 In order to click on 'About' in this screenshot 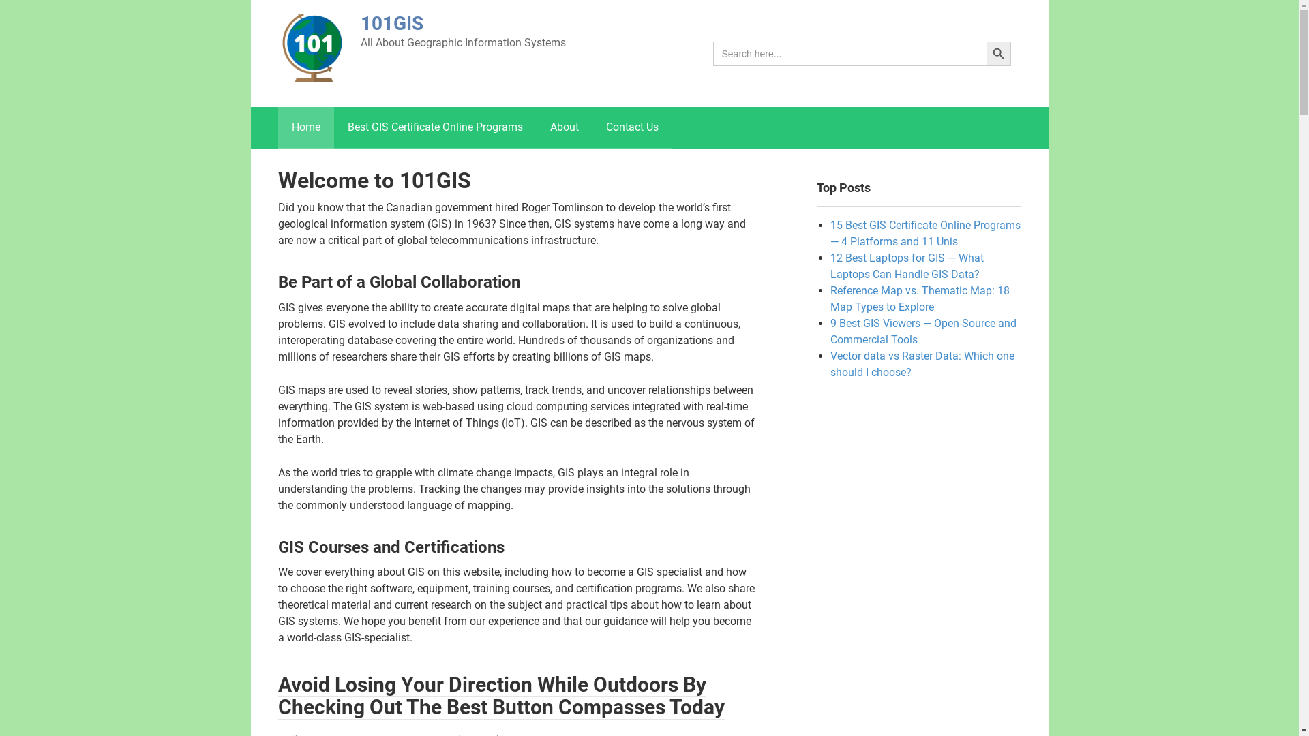, I will do `click(563, 127)`.